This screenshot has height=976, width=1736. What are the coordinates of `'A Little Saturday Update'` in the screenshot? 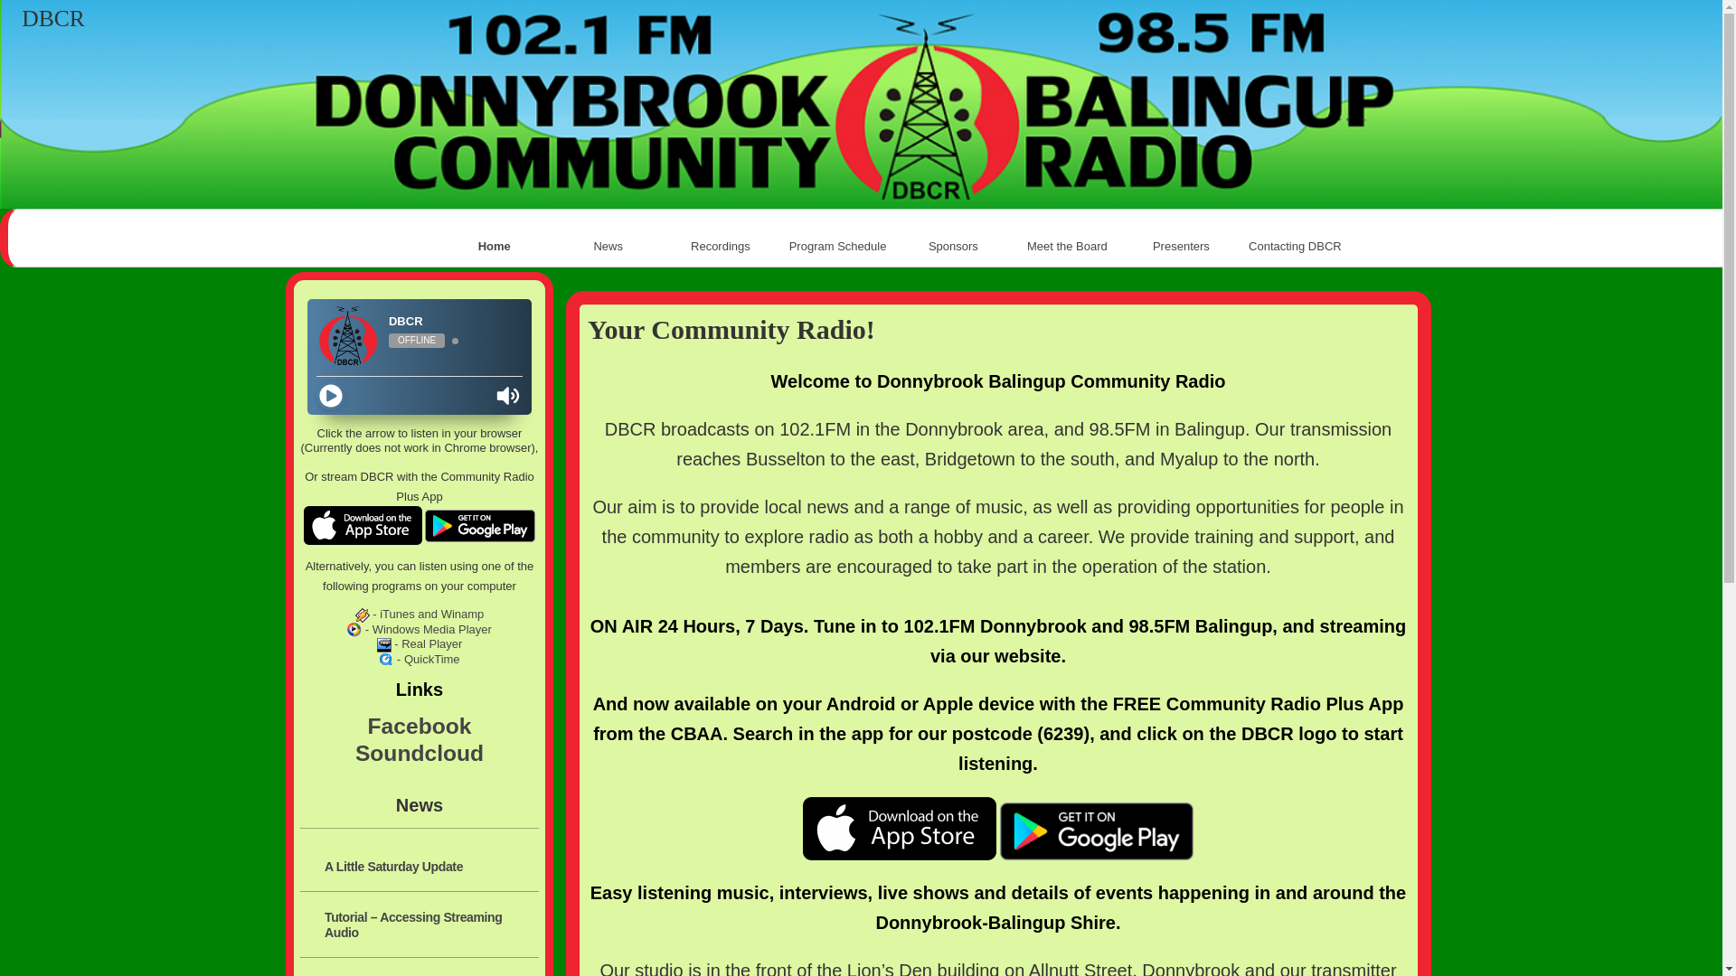 It's located at (428, 863).